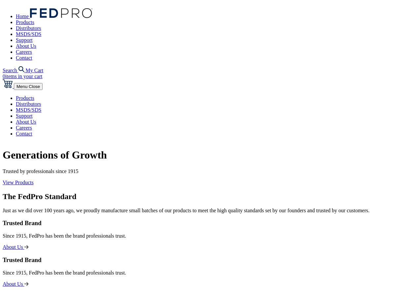  I want to click on 'Close', so click(29, 86).